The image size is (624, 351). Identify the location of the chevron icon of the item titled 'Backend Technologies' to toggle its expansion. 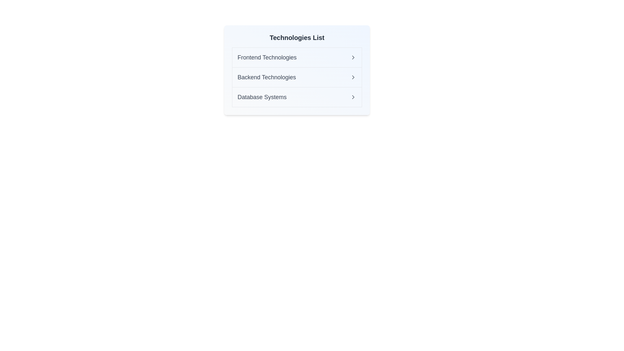
(353, 77).